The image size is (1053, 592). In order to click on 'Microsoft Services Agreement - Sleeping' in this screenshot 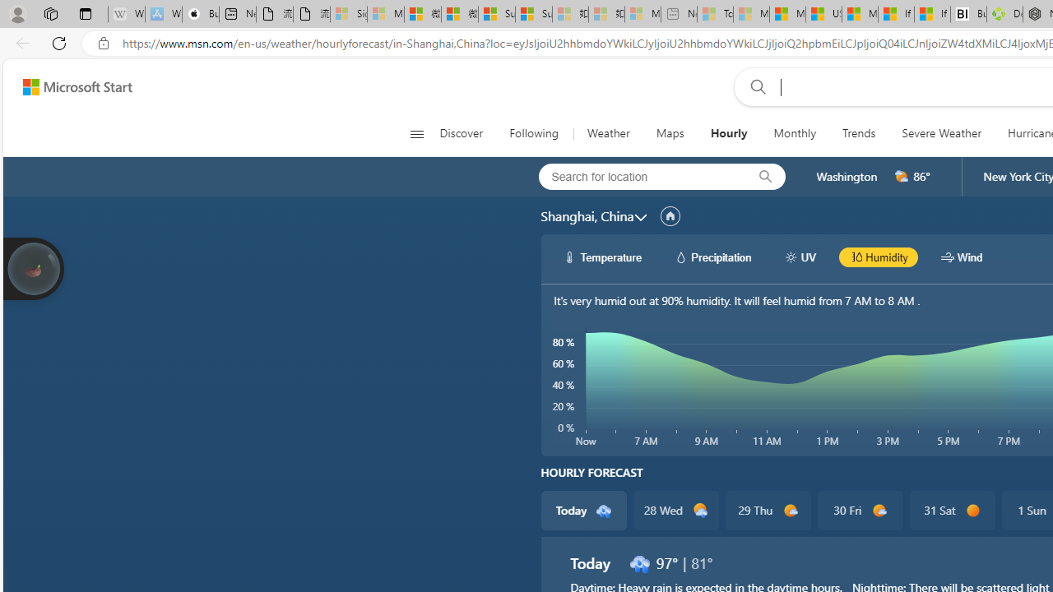, I will do `click(385, 14)`.